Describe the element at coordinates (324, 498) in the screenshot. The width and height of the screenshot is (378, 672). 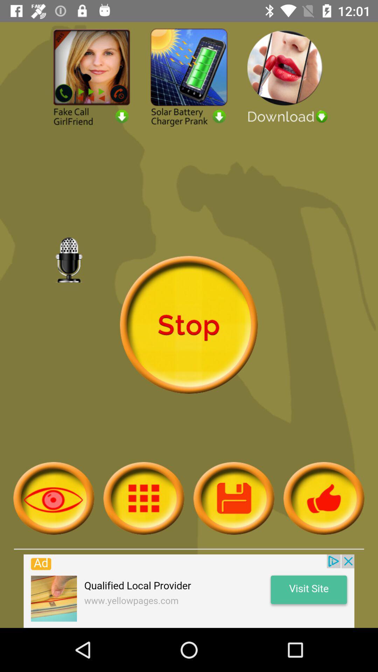
I see `thumbs up` at that location.